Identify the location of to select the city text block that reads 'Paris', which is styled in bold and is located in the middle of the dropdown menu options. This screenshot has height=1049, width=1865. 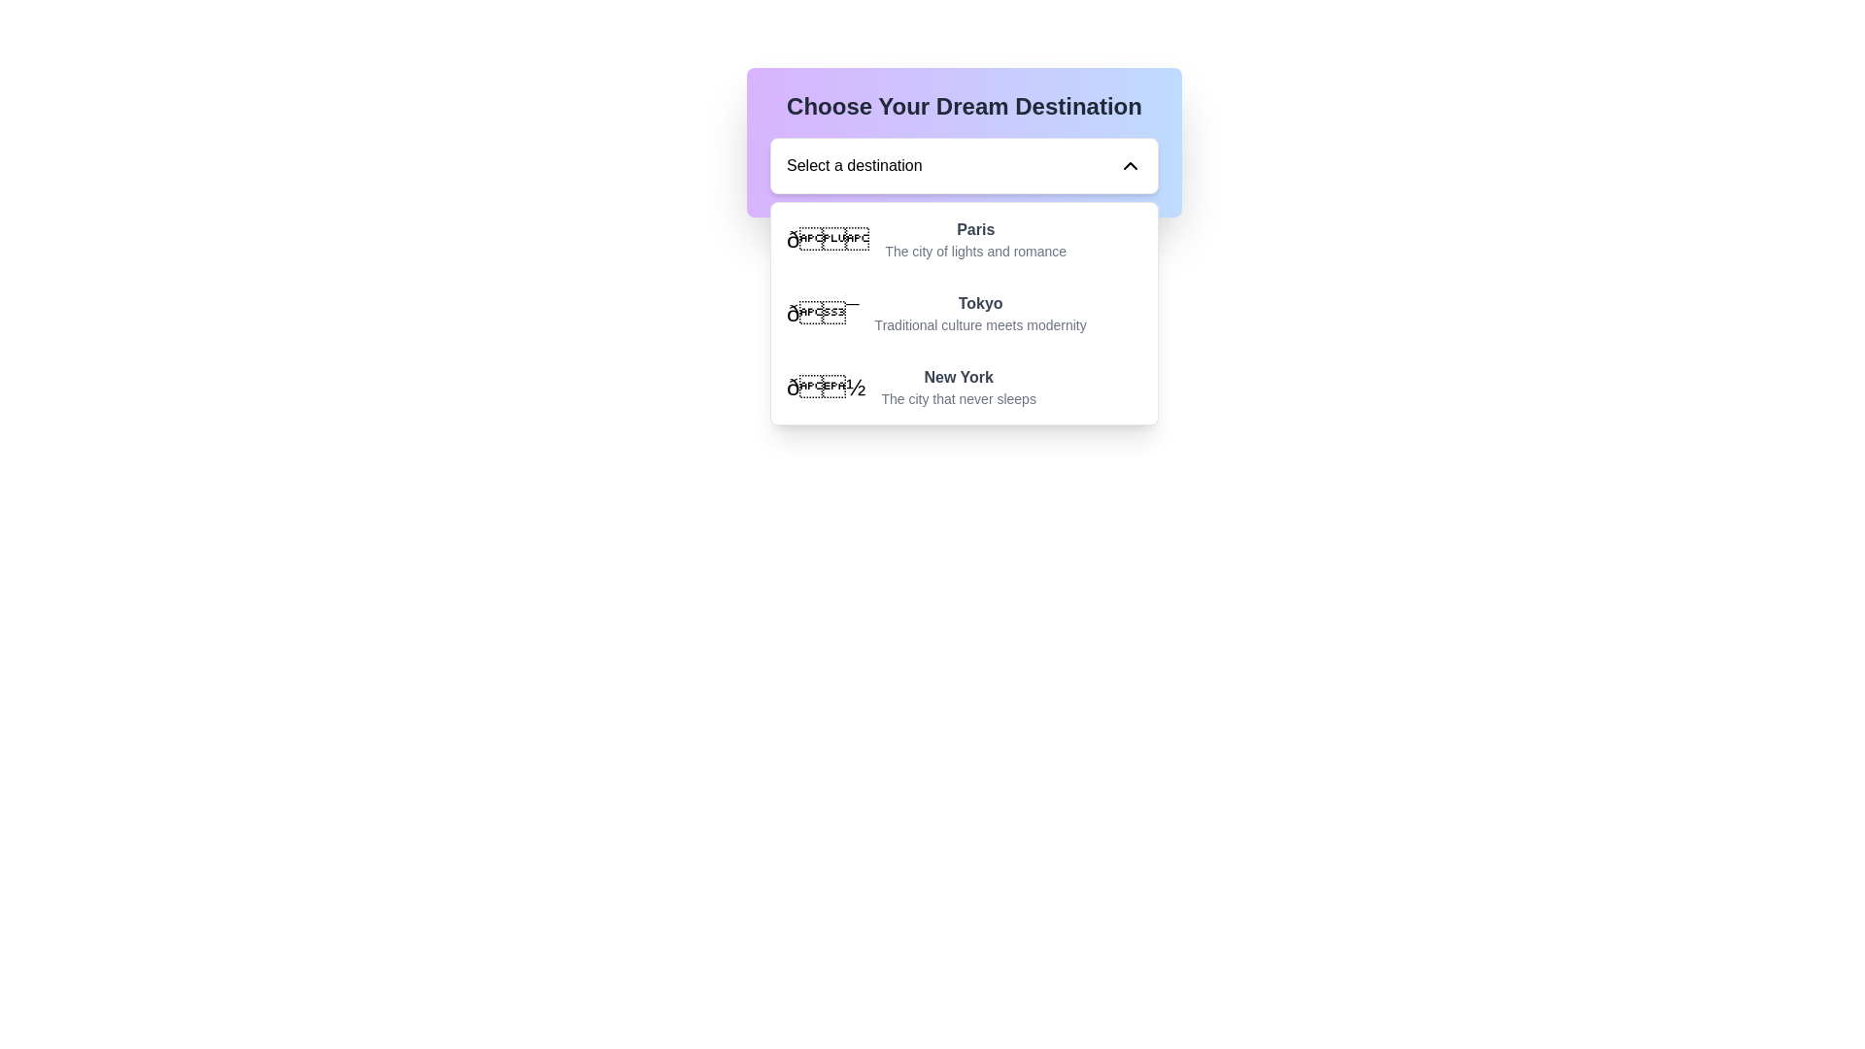
(975, 238).